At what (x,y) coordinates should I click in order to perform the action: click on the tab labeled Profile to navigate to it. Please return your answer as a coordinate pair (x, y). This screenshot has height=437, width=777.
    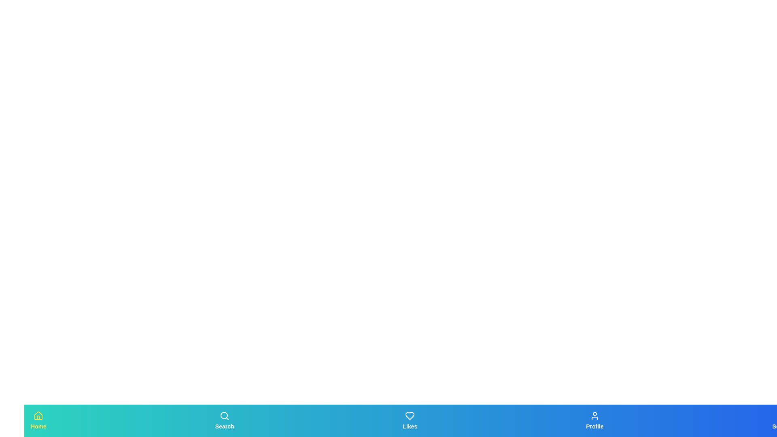
    Looking at the image, I should click on (594, 420).